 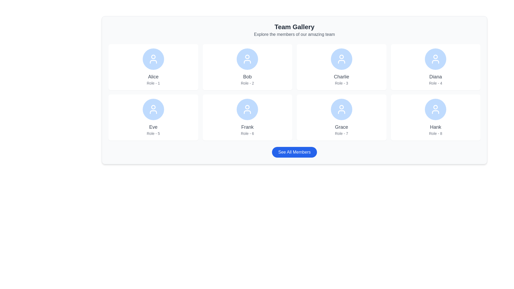 I want to click on the user avatar icon, which is visually represented as a light blue circular background with a white user silhouette, located in the fourth column of the second row within a grid layout, central to the card labeled 'Hank Role - 8', so click(x=436, y=109).